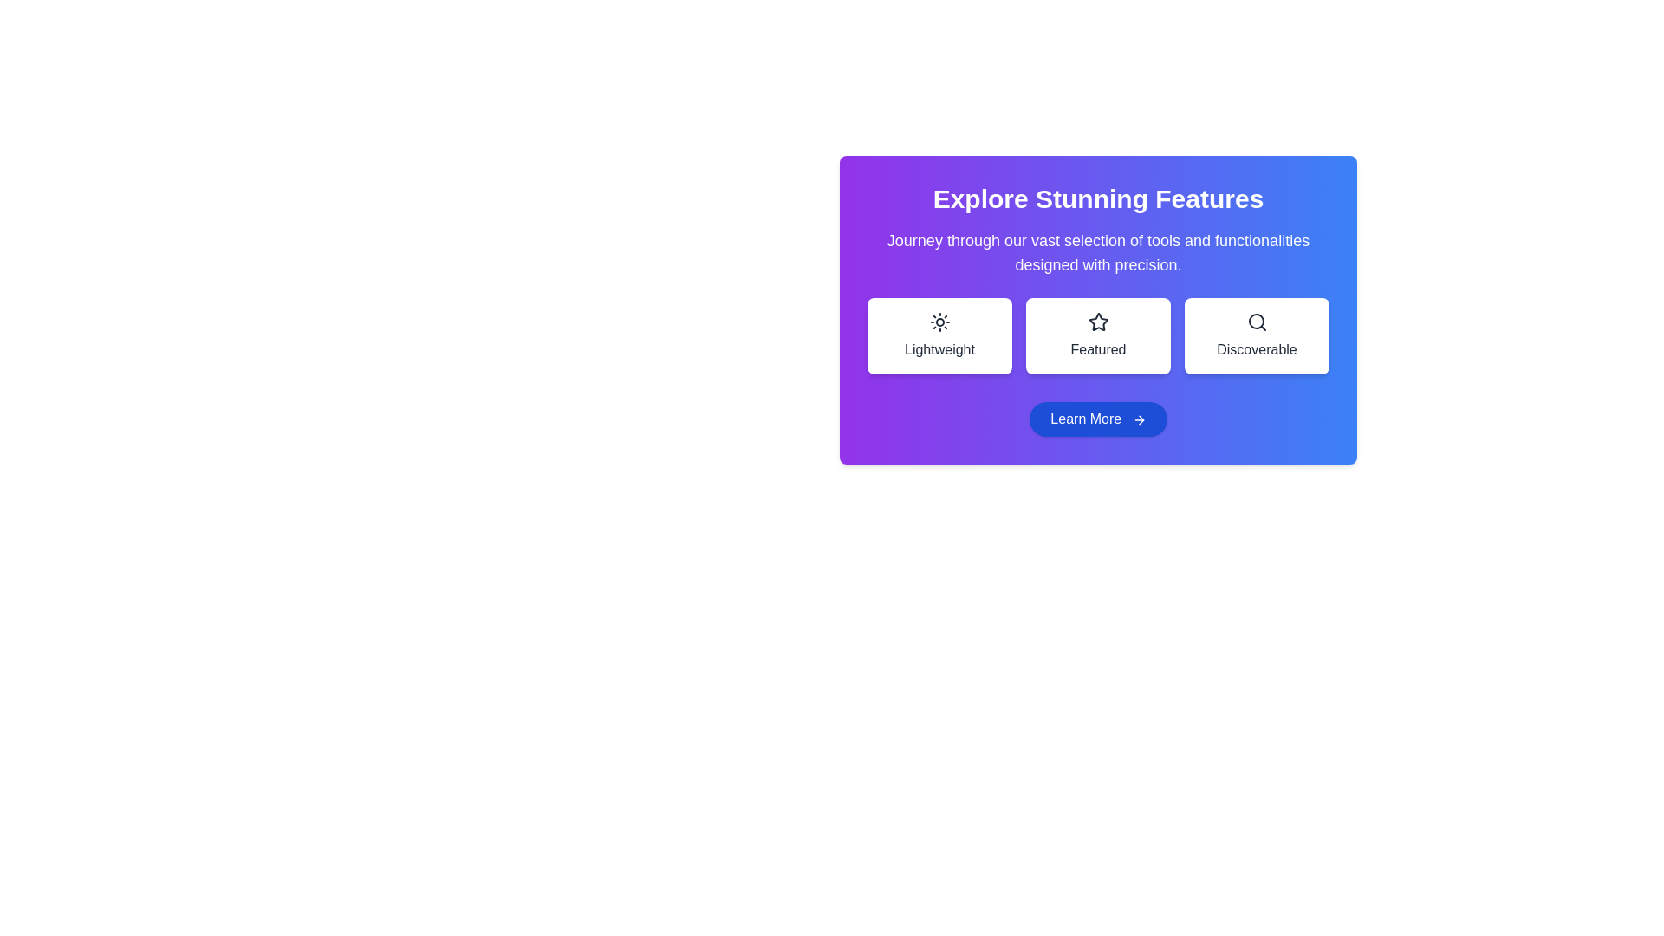 Image resolution: width=1664 pixels, height=936 pixels. I want to click on the 'Discoverable' text label located at the bottom center of the card with a magnifying glass icon above it, which is the third card from the left in a set of horizontal cards, so click(1257, 350).